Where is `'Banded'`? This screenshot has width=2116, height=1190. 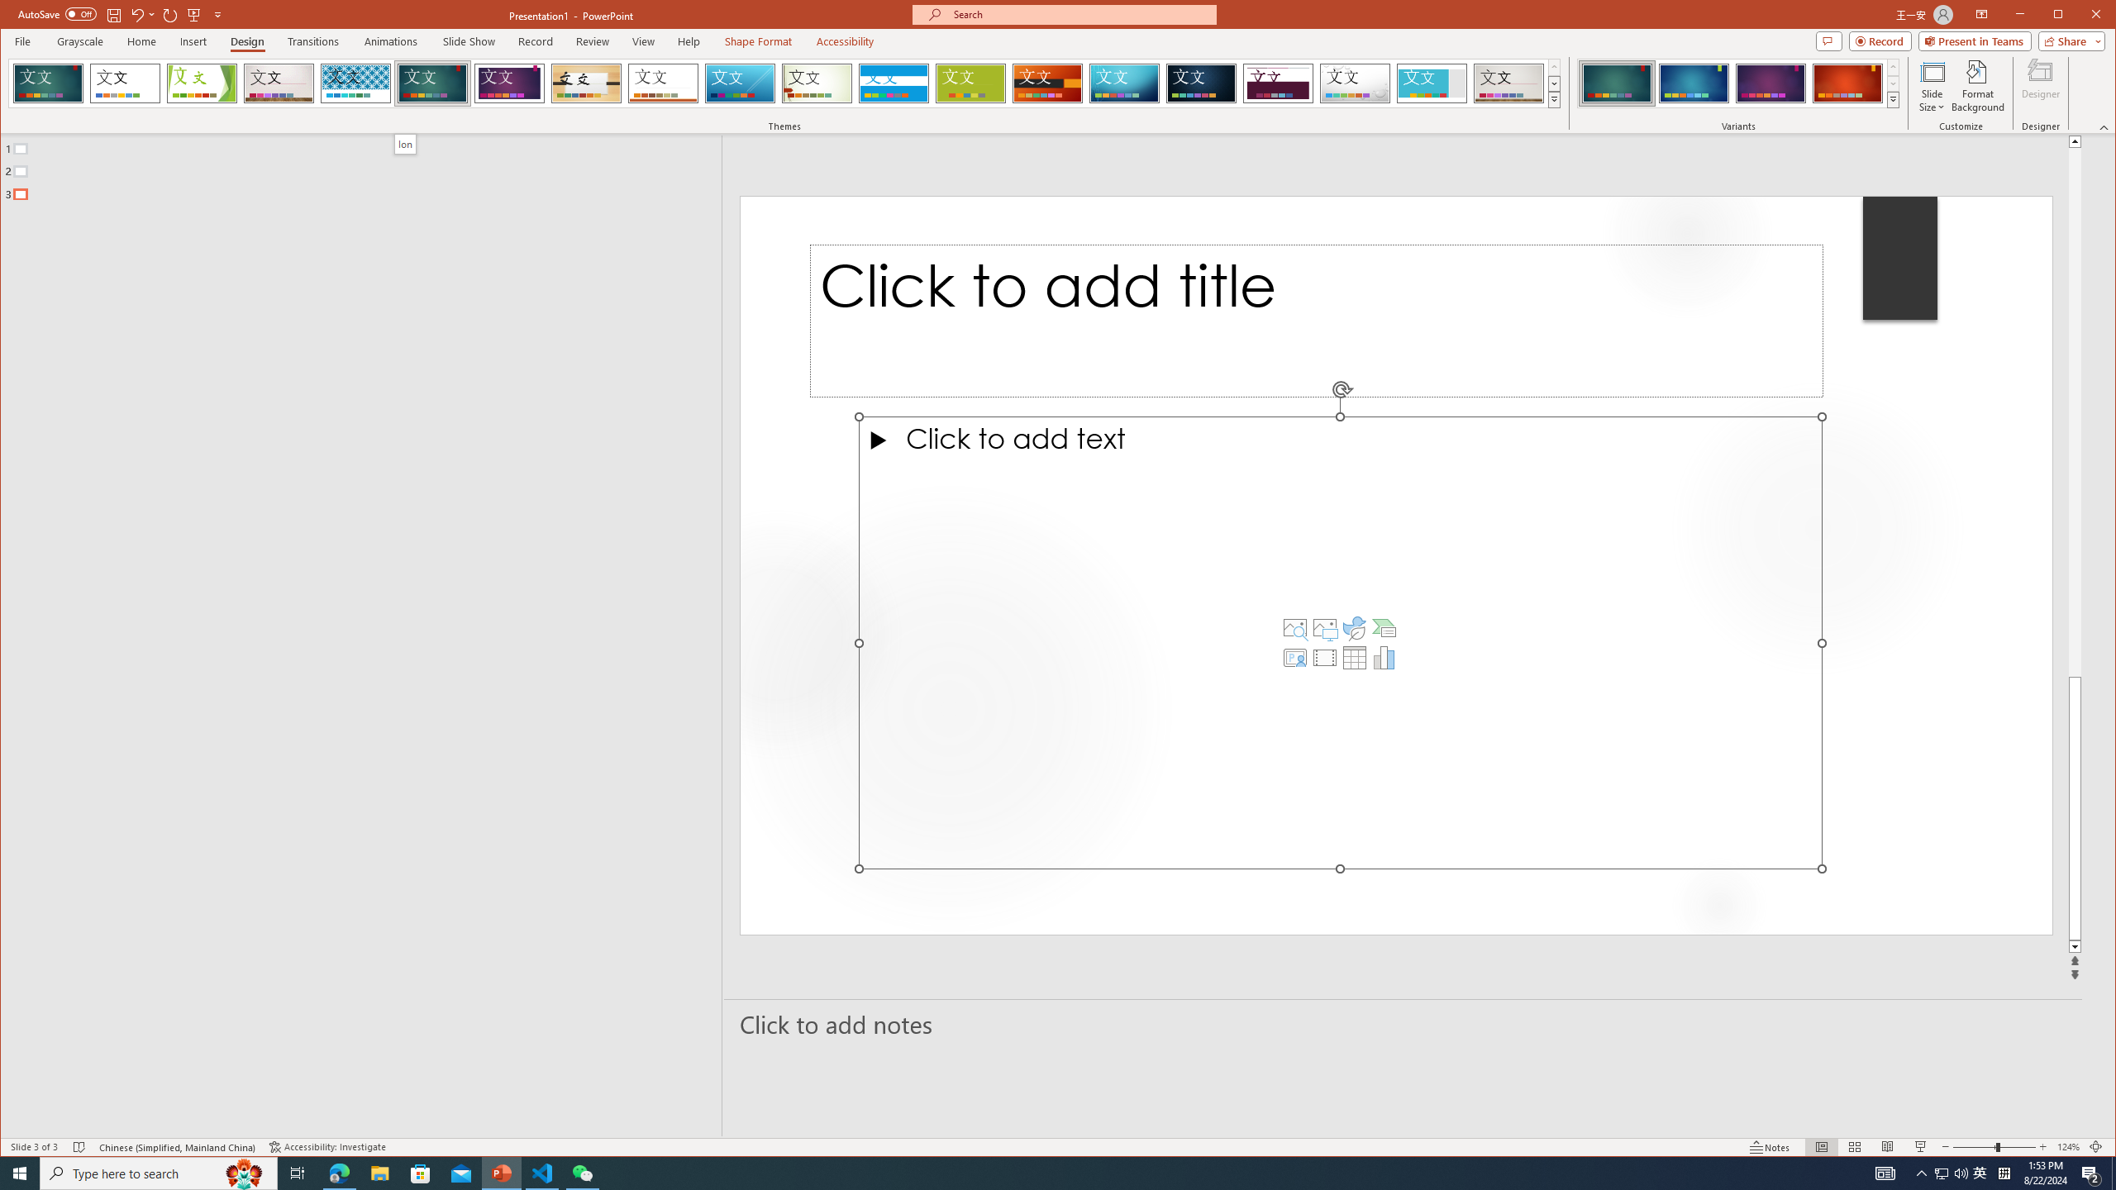
'Banded' is located at coordinates (893, 83).